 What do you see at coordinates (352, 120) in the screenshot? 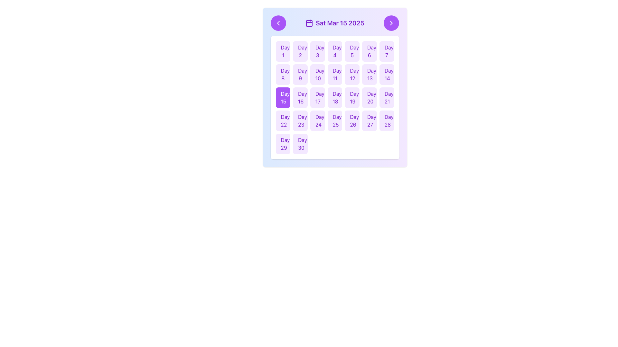
I see `the calendar button representing 'Day 26', which is the 5th button in the 4th row of a calendar grid layout` at bounding box center [352, 120].